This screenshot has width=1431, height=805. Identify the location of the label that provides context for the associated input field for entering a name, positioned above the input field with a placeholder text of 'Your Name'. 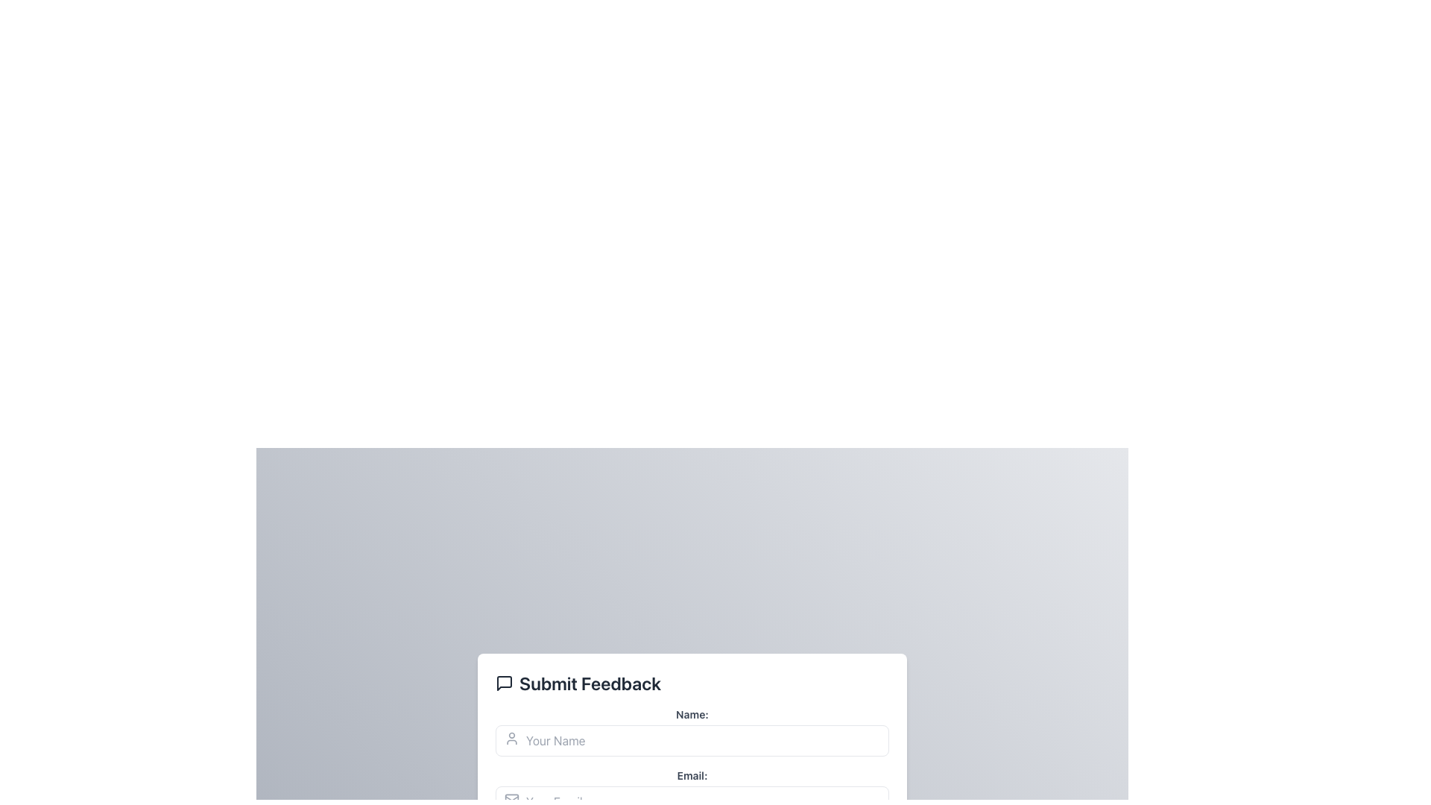
(692, 714).